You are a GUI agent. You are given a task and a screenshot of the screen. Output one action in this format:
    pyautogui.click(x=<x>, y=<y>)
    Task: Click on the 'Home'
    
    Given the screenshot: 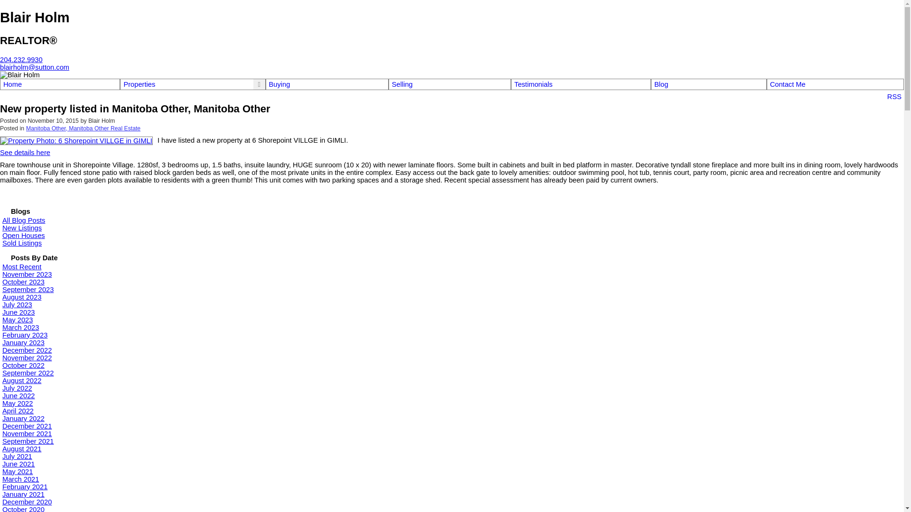 What is the action you would take?
    pyautogui.click(x=59, y=83)
    